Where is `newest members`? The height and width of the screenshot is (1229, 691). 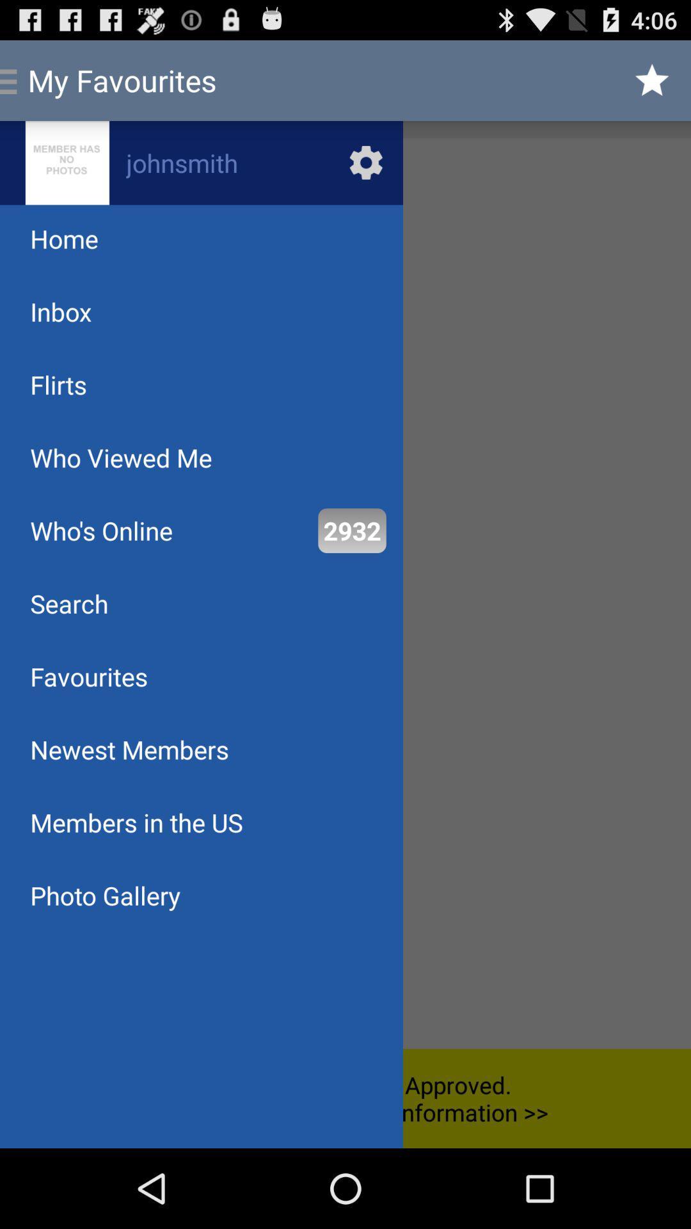 newest members is located at coordinates (129, 750).